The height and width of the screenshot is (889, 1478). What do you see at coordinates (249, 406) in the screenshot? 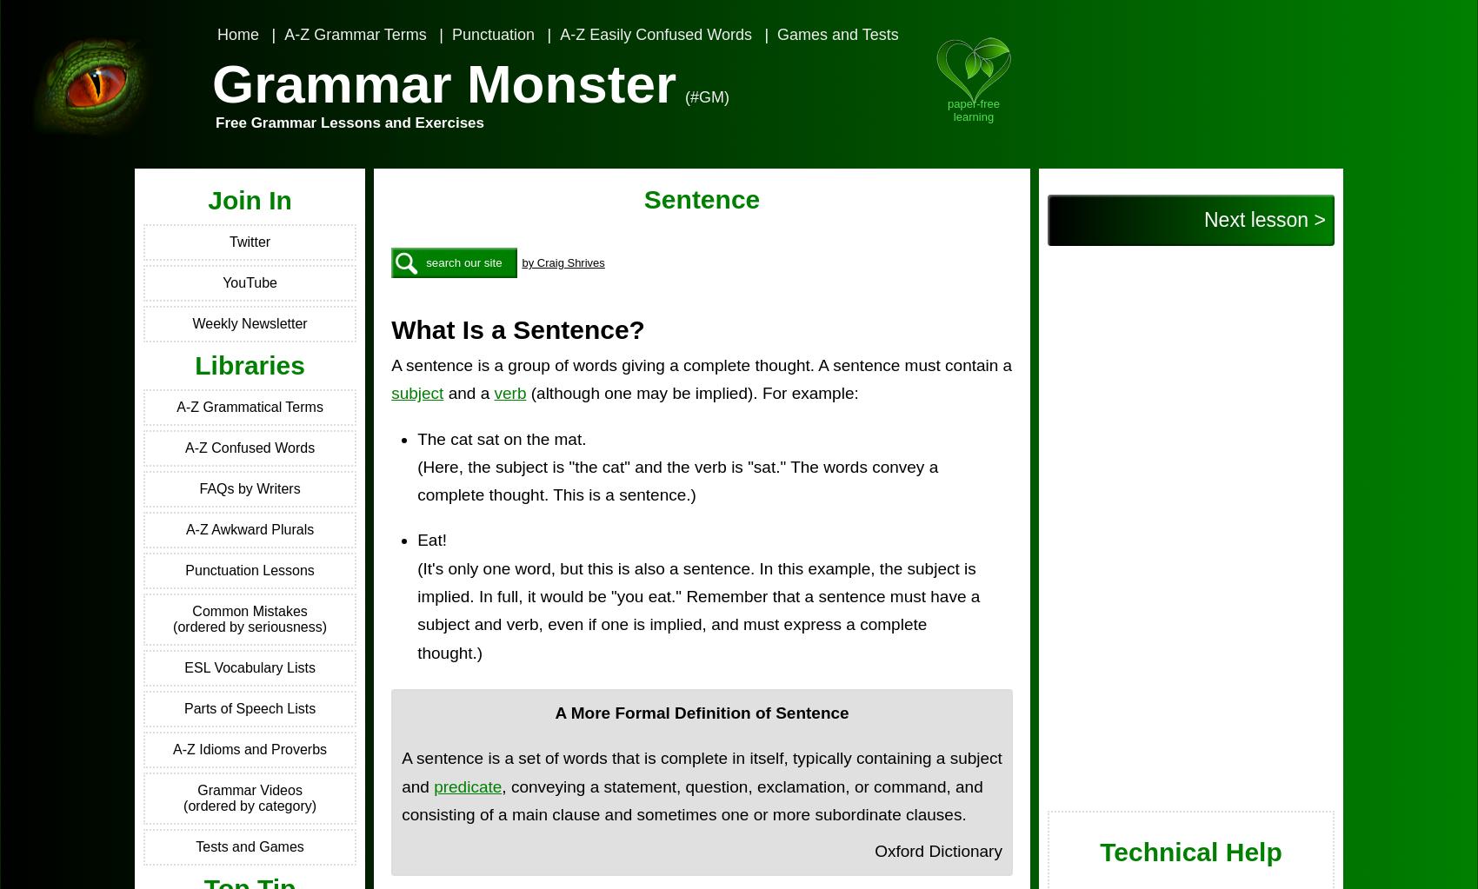
I see `'A-Z Grammatical Terms'` at bounding box center [249, 406].